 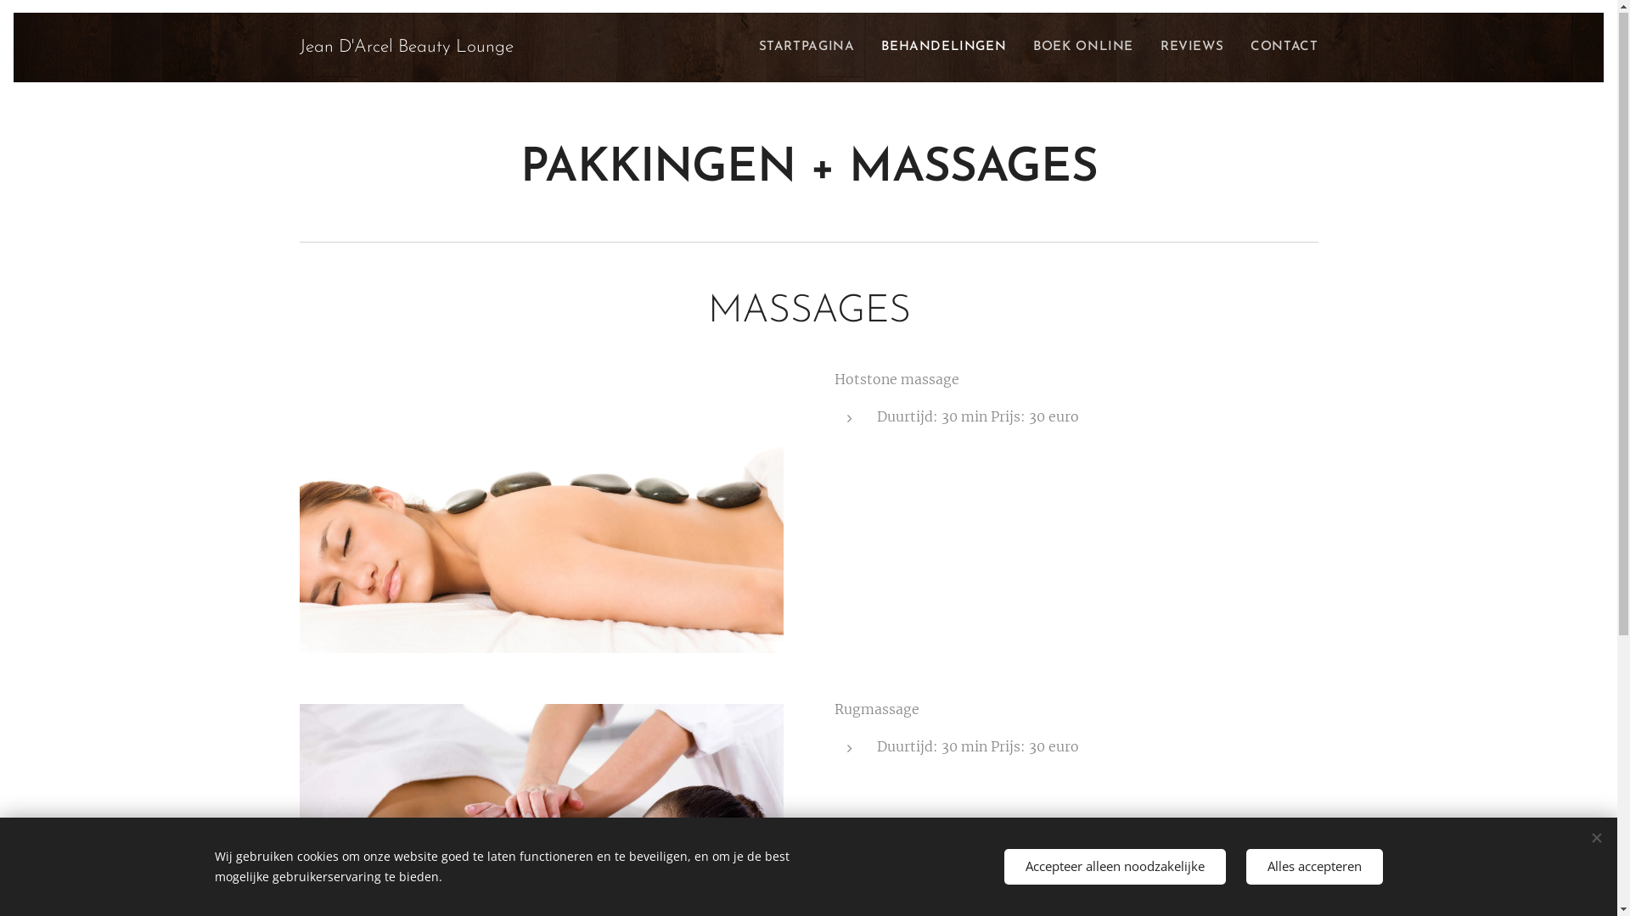 I want to click on 'CONTACT', so click(x=1277, y=47).